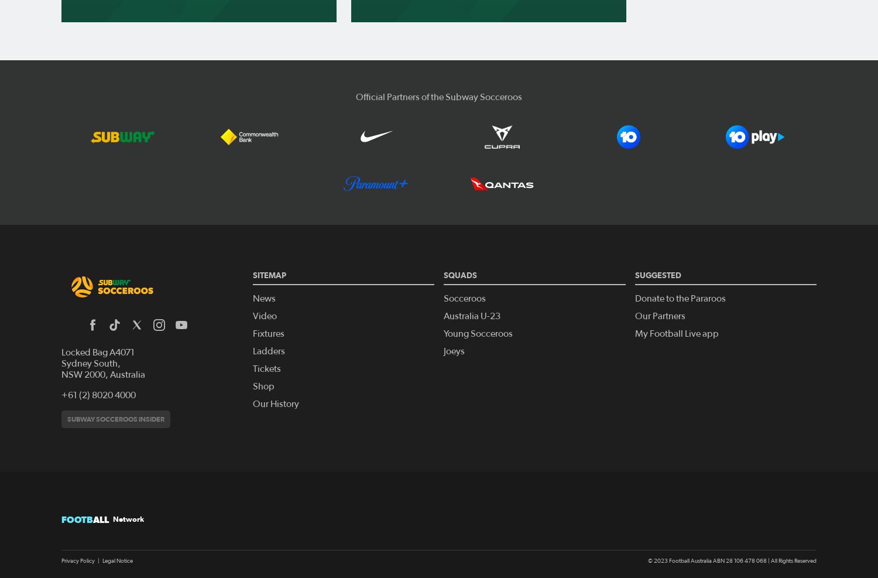 This screenshot has height=578, width=878. What do you see at coordinates (263, 297) in the screenshot?
I see `'News'` at bounding box center [263, 297].